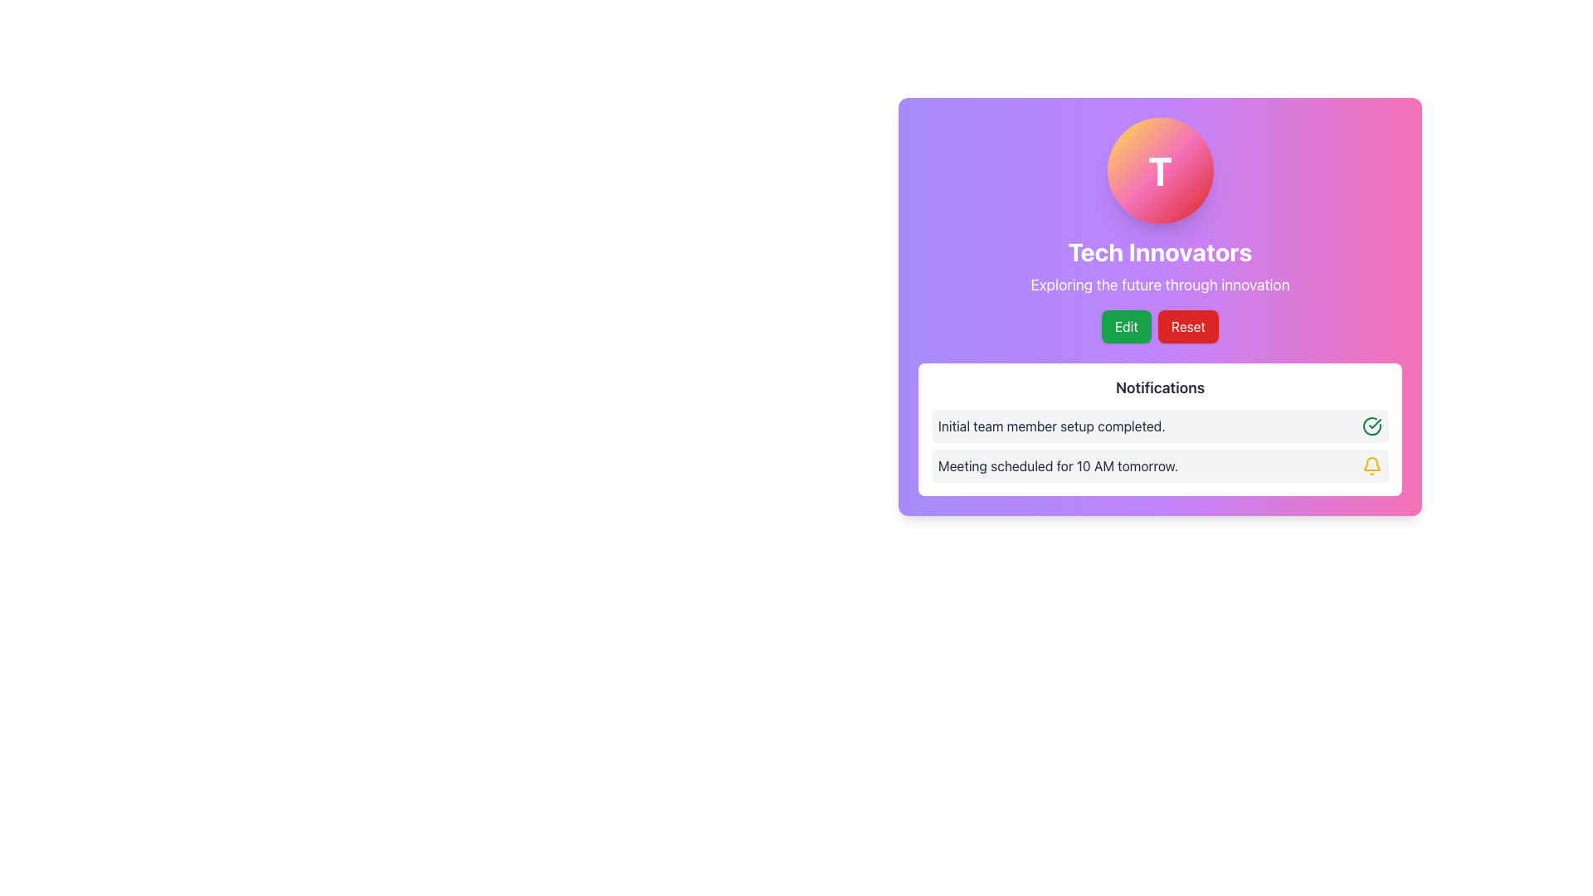 This screenshot has width=1593, height=896. What do you see at coordinates (1372, 425) in the screenshot?
I see `the success notification icon indicating 'Initial team member setup completed.' located in the Notifications section` at bounding box center [1372, 425].